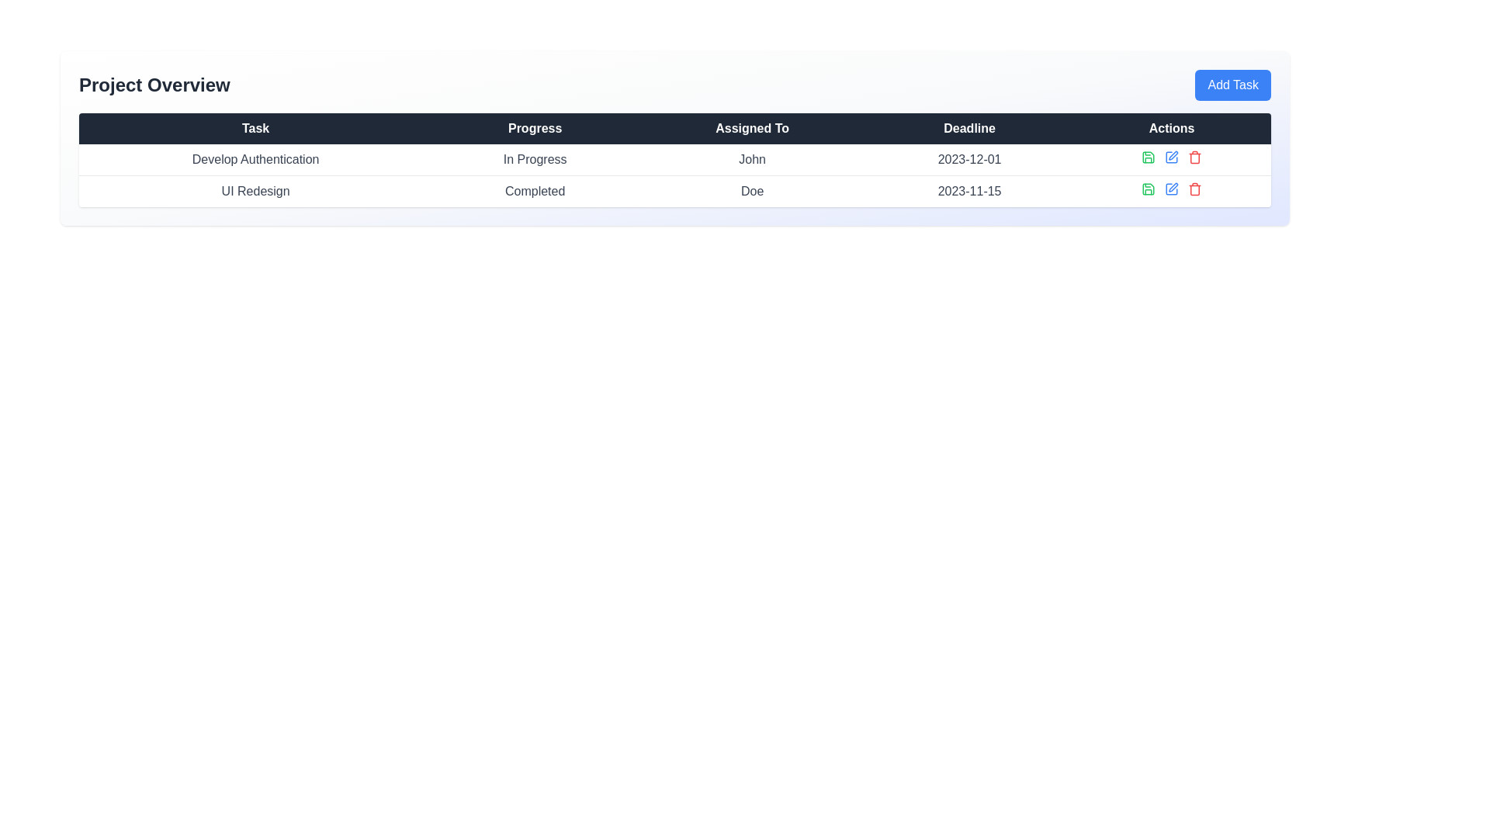 The width and height of the screenshot is (1490, 838). I want to click on the blue pen icon in the 'Actions' column of the second row under the 'Project Overview' header, so click(1172, 188).